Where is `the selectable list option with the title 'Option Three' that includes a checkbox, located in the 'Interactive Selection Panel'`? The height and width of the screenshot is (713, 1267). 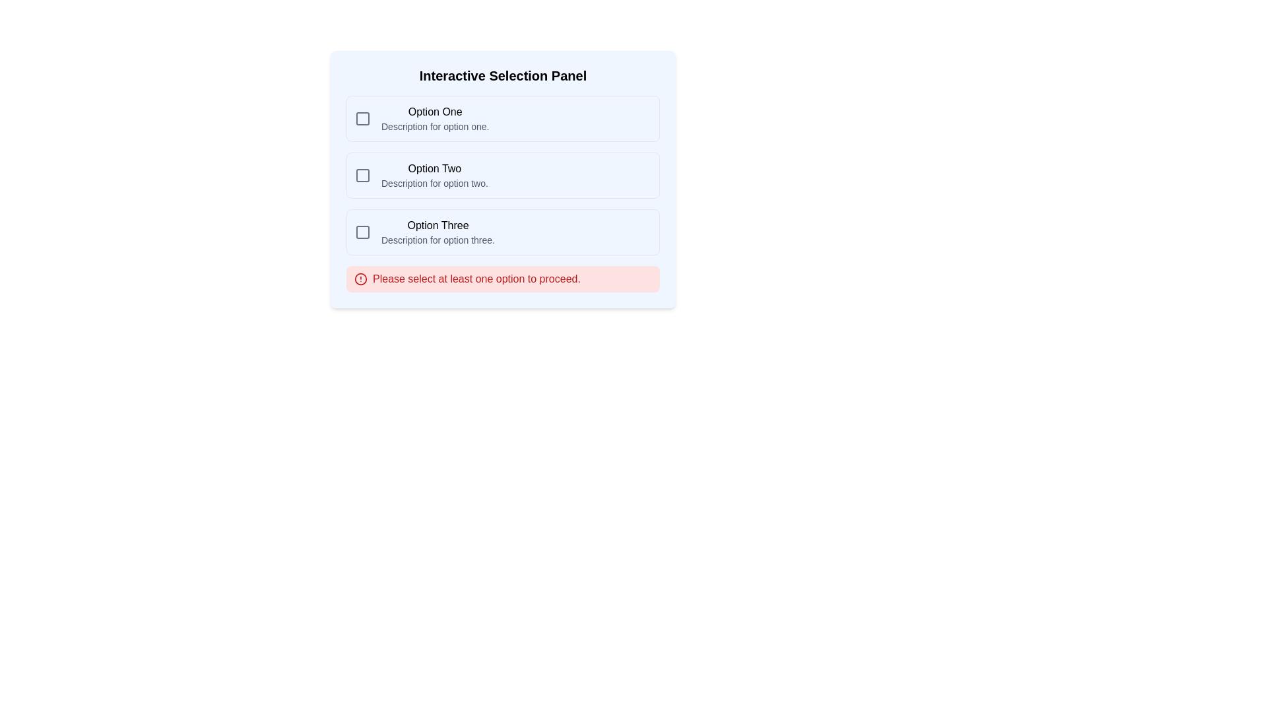
the selectable list option with the title 'Option Three' that includes a checkbox, located in the 'Interactive Selection Panel' is located at coordinates (502, 231).